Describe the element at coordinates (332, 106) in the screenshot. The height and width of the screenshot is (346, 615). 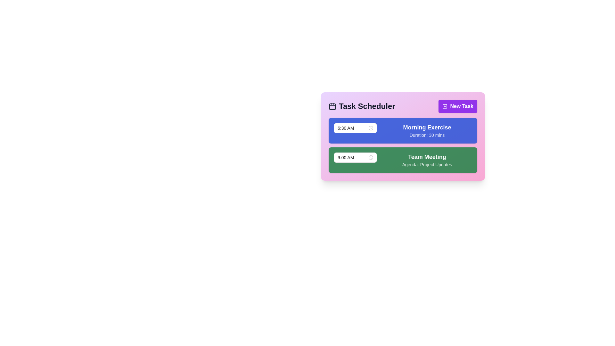
I see `the calendar icon located in the top-left corner of the Task Scheduler component, which has a grid-like structure and is aligned horizontally with the title text 'Task Scheduler'` at that location.